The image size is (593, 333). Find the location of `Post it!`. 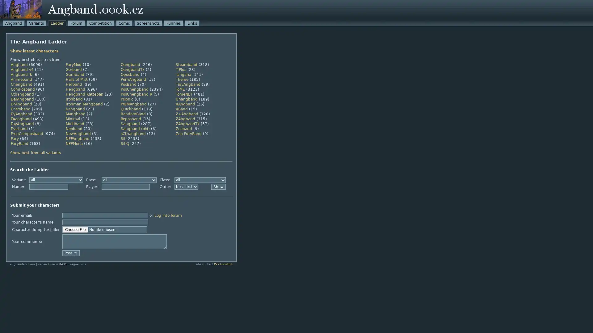

Post it! is located at coordinates (71, 253).